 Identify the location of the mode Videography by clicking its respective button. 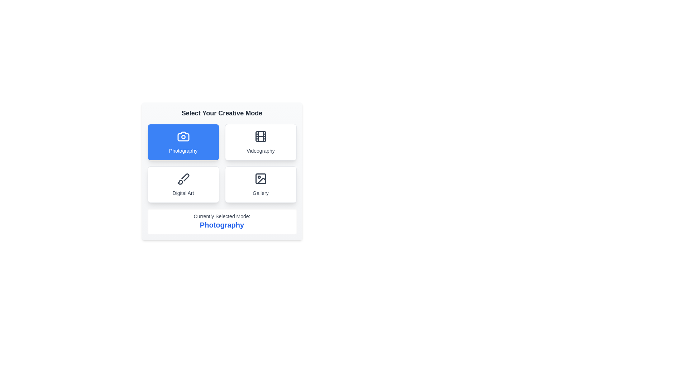
(260, 142).